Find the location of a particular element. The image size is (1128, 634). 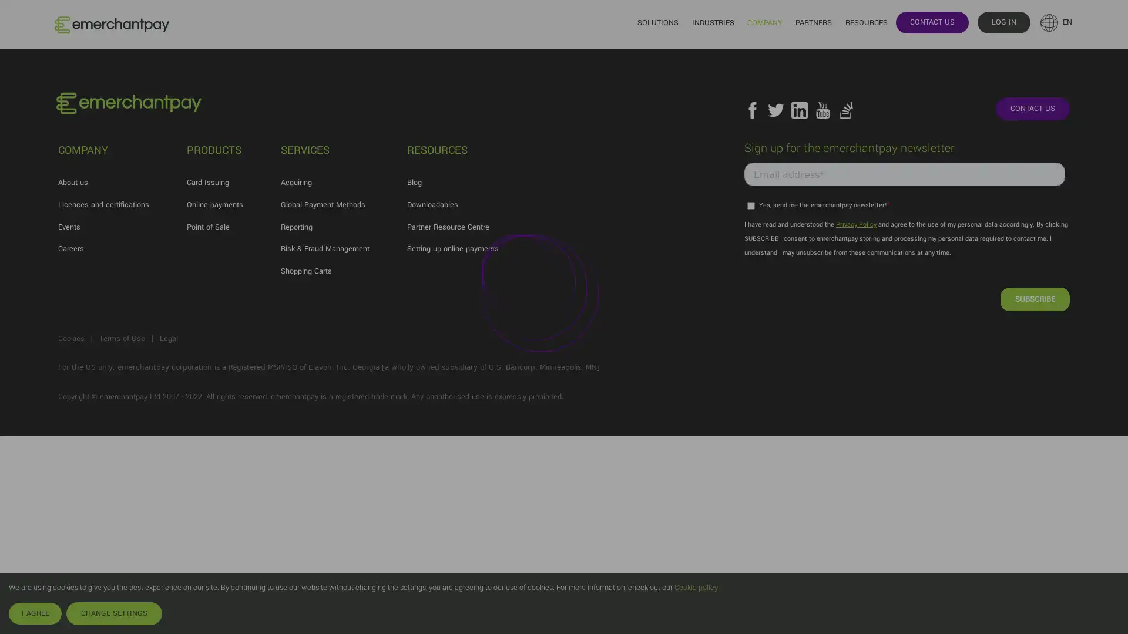

LOG IN is located at coordinates (1003, 22).